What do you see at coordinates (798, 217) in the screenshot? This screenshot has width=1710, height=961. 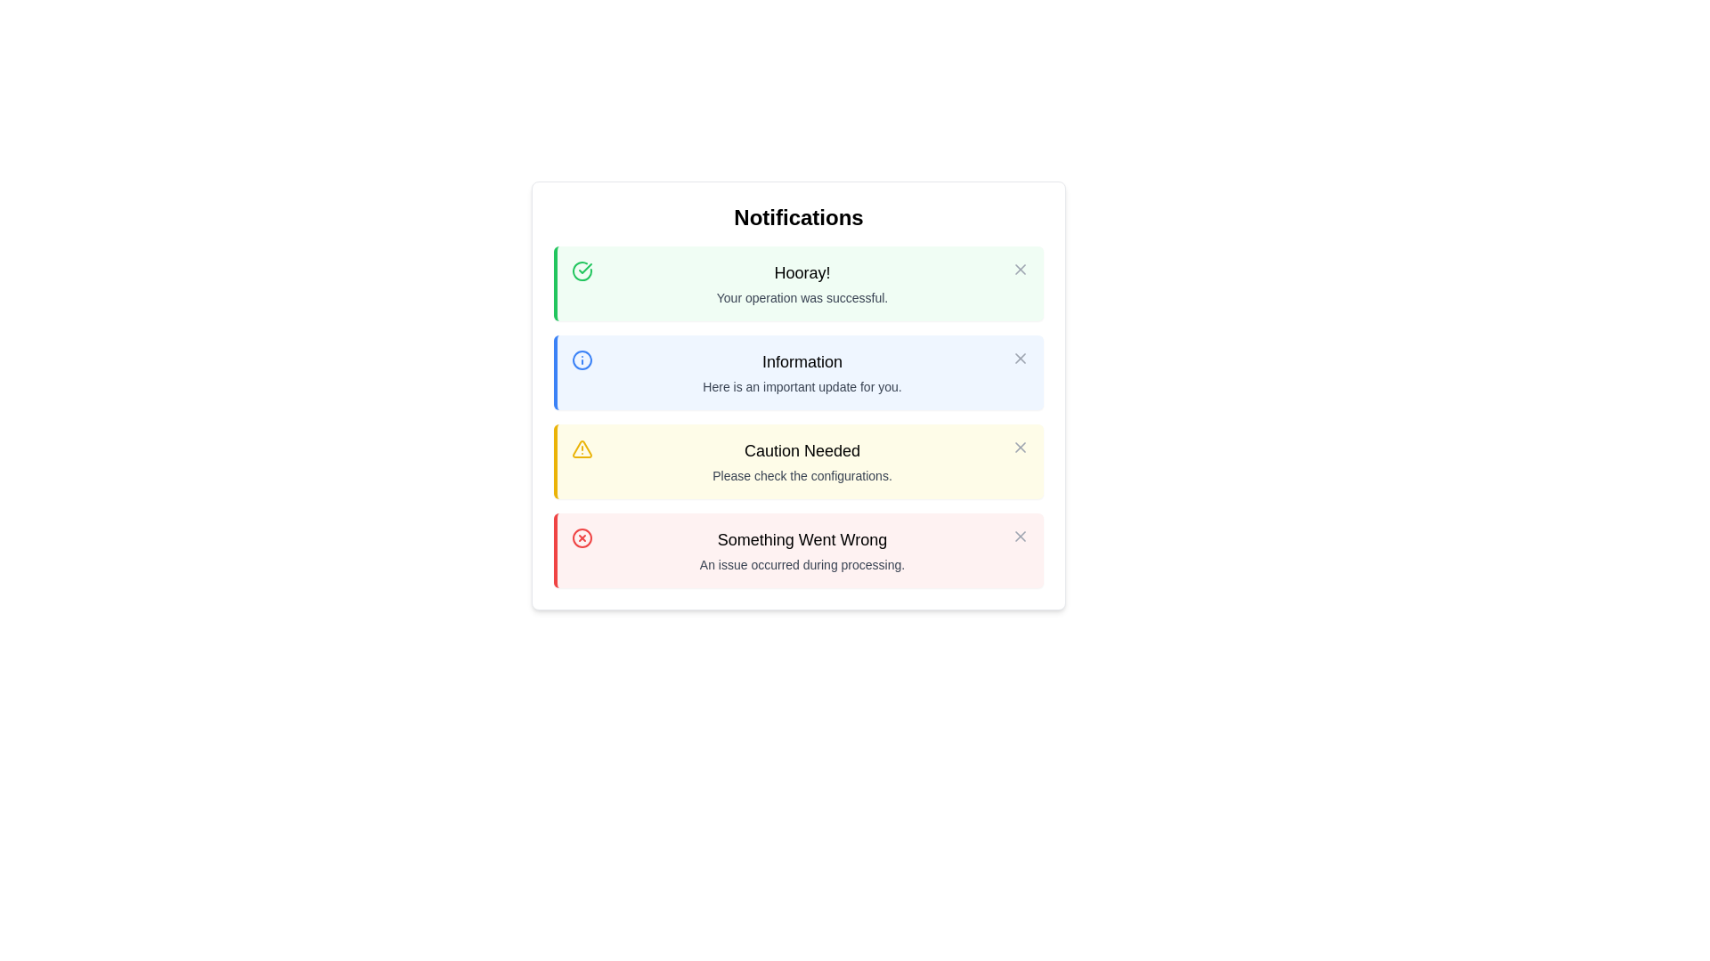 I see `the 'Notifications' title element, which is displayed in a bold, large font and is centered at the top of the Notifications panel` at bounding box center [798, 217].